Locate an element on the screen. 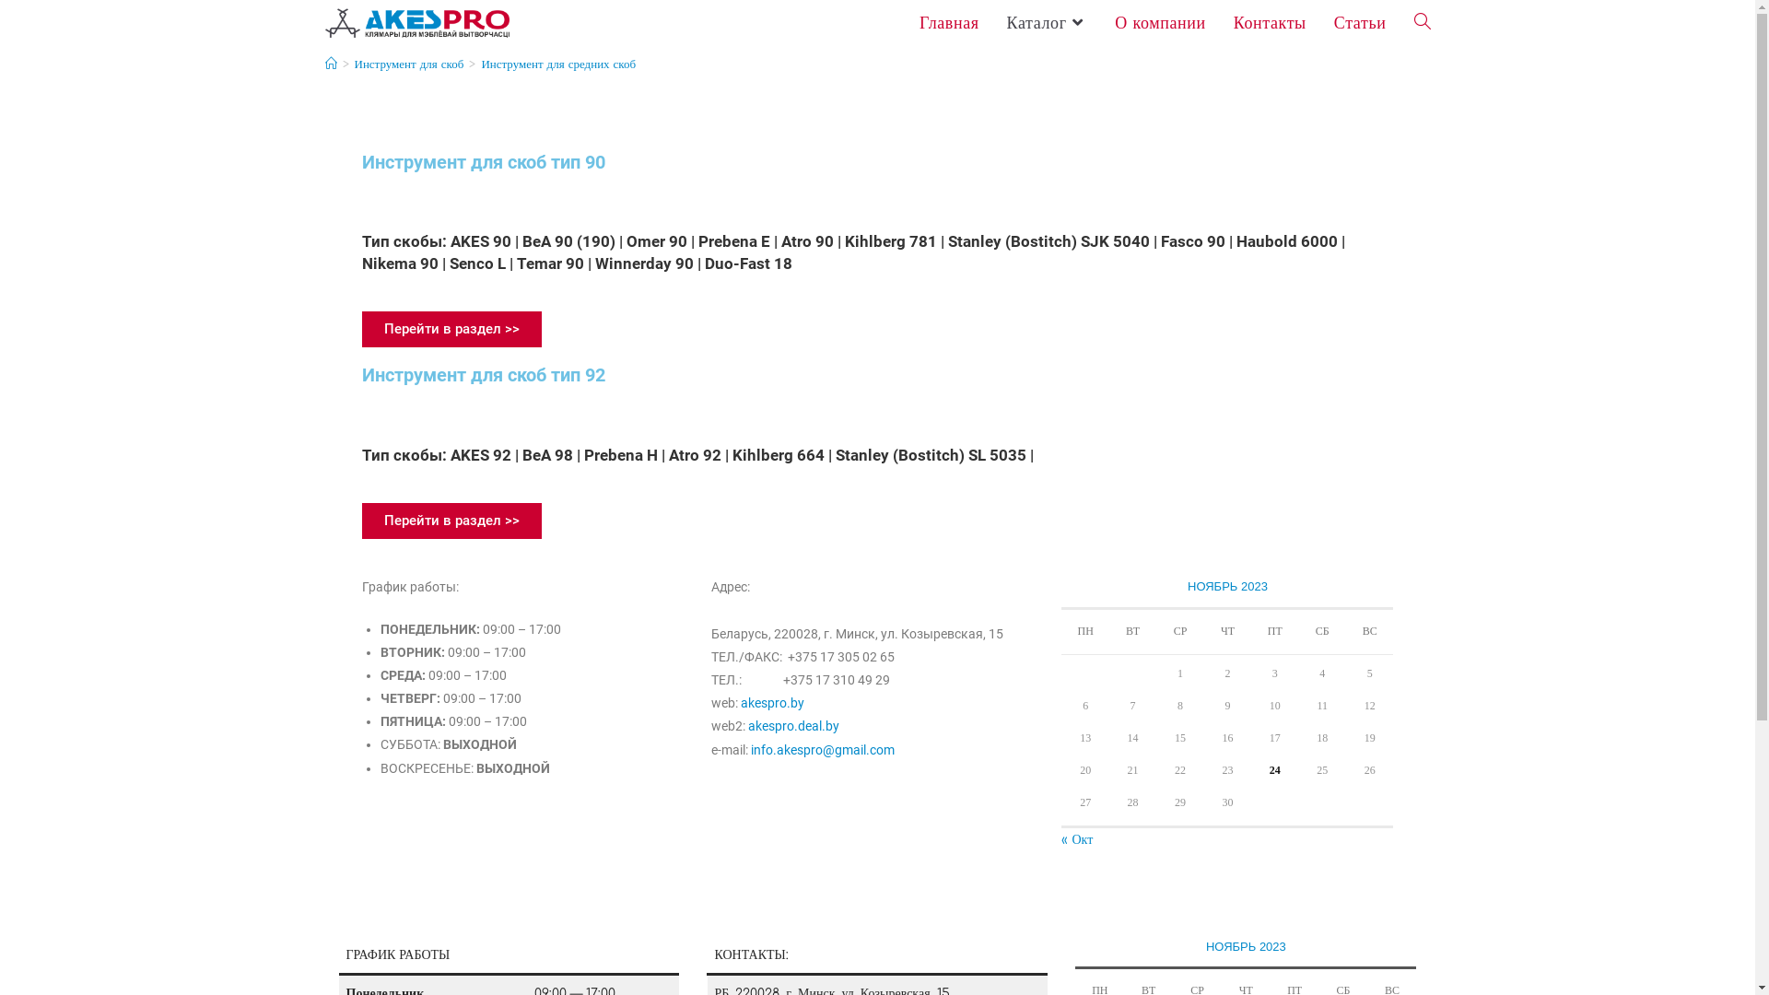 The width and height of the screenshot is (1769, 995). 'akespro.deal.by' is located at coordinates (747, 724).